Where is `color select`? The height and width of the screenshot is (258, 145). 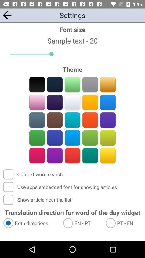
color select is located at coordinates (90, 155).